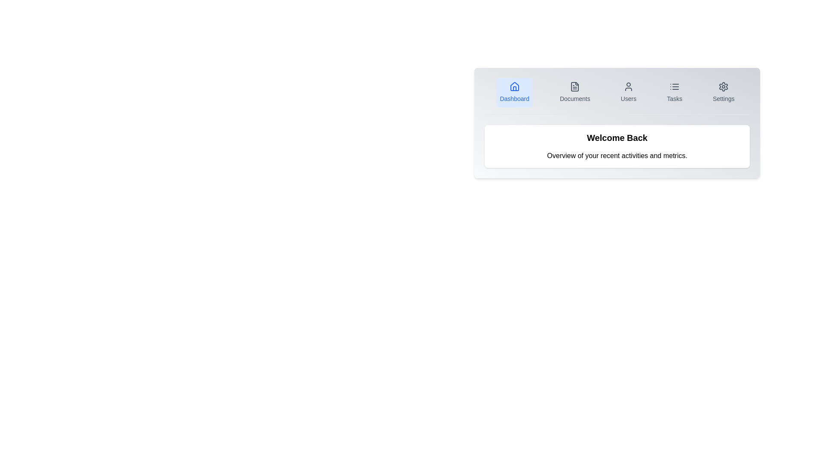  What do you see at coordinates (674, 93) in the screenshot?
I see `the 'Tasks' button, which is a vertically-oriented icon and text combination in the navigation bar, located fourth in the sequence of items` at bounding box center [674, 93].